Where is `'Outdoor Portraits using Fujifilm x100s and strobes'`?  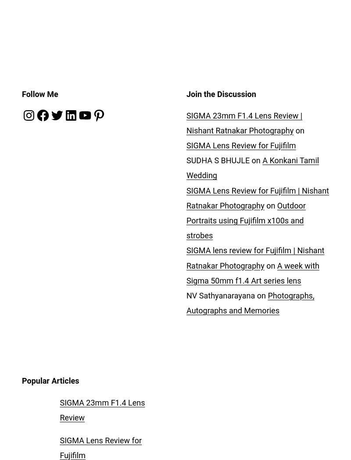 'Outdoor Portraits using Fujifilm x100s and strobes' is located at coordinates (246, 220).